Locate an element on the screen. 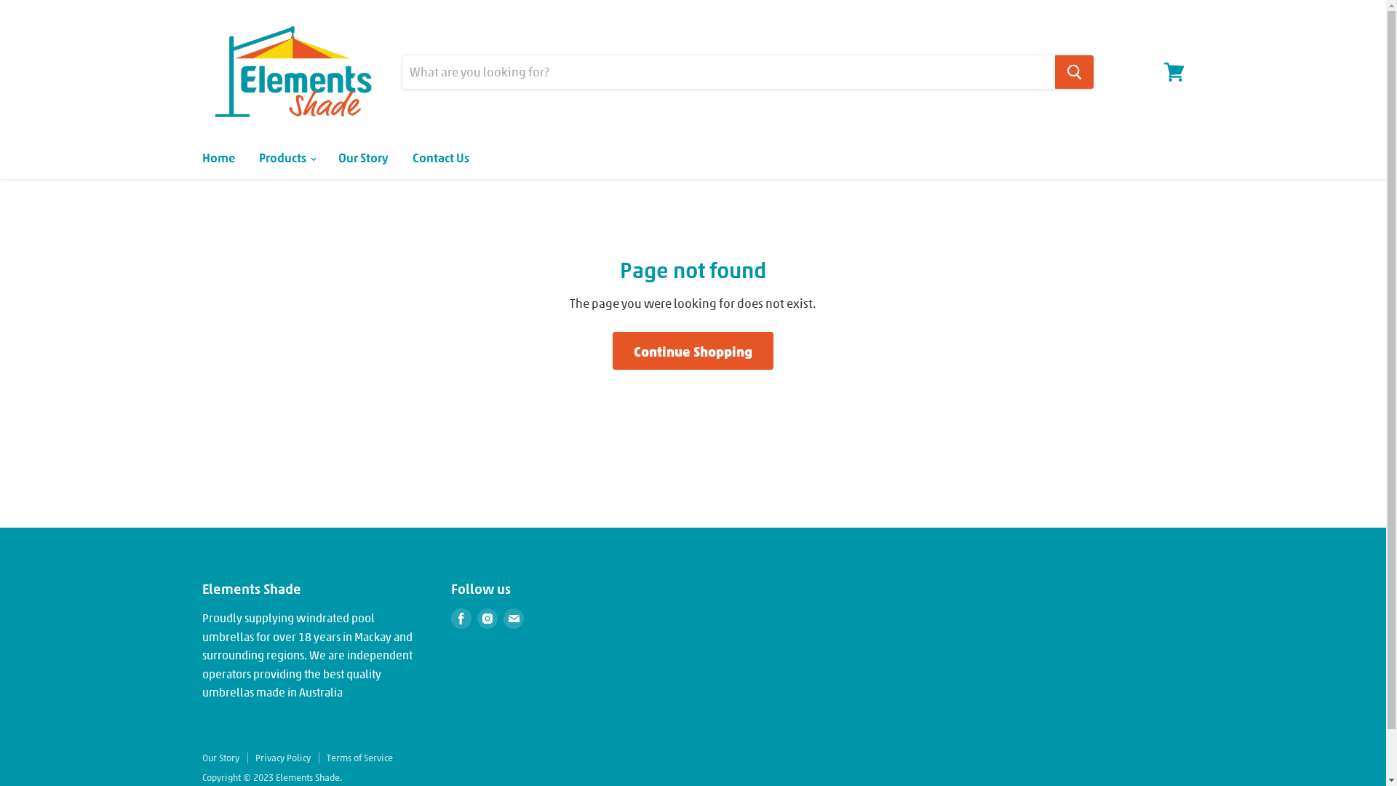 Image resolution: width=1397 pixels, height=786 pixels. 'Privacy Policy' is located at coordinates (282, 757).